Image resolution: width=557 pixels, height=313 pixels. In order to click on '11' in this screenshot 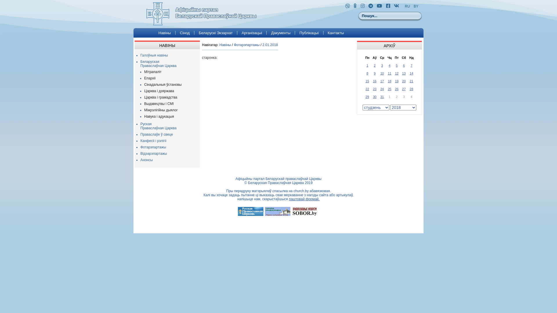, I will do `click(390, 72)`.